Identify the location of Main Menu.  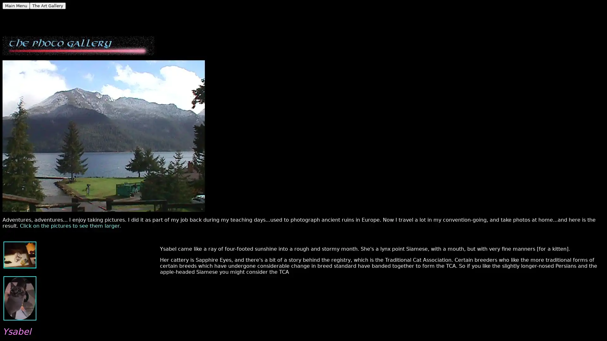
(16, 6).